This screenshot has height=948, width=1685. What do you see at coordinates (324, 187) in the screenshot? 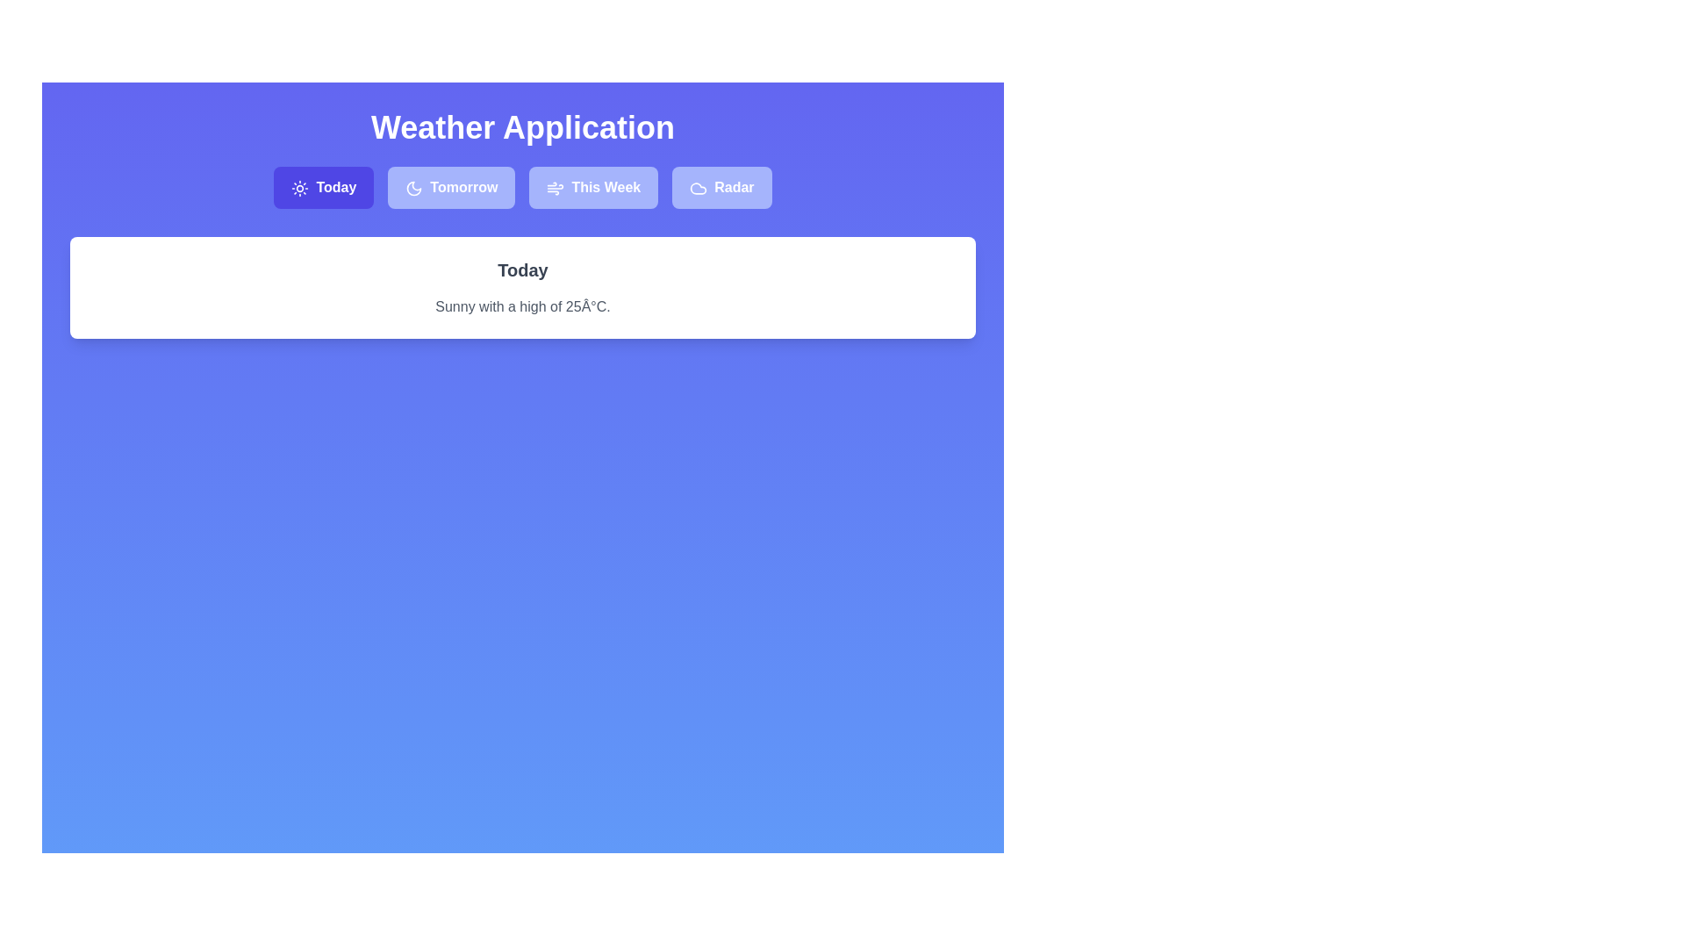
I see `the tab labeled 'Today' to observe the visual change in highlighting` at bounding box center [324, 187].